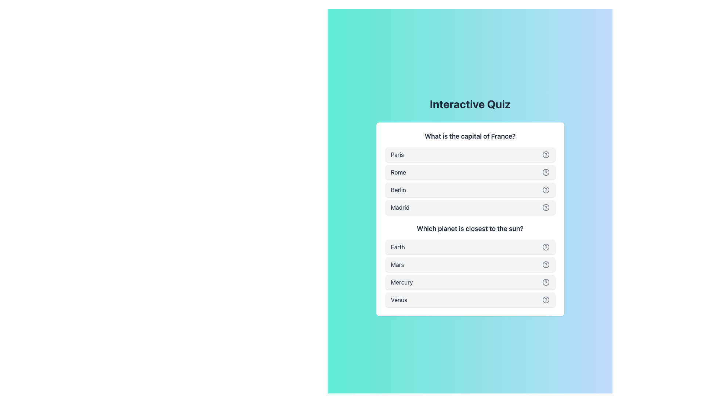  I want to click on the help icon located in the second row under the question 'What is the capital of France?', positioned to the right of the text 'Rome', so click(546, 172).